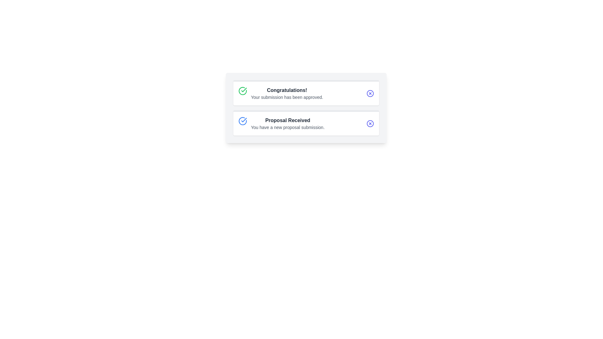 This screenshot has height=339, width=603. What do you see at coordinates (287, 121) in the screenshot?
I see `text label located in the upper portion of the second notification card, which summarizes the notification's purpose` at bounding box center [287, 121].